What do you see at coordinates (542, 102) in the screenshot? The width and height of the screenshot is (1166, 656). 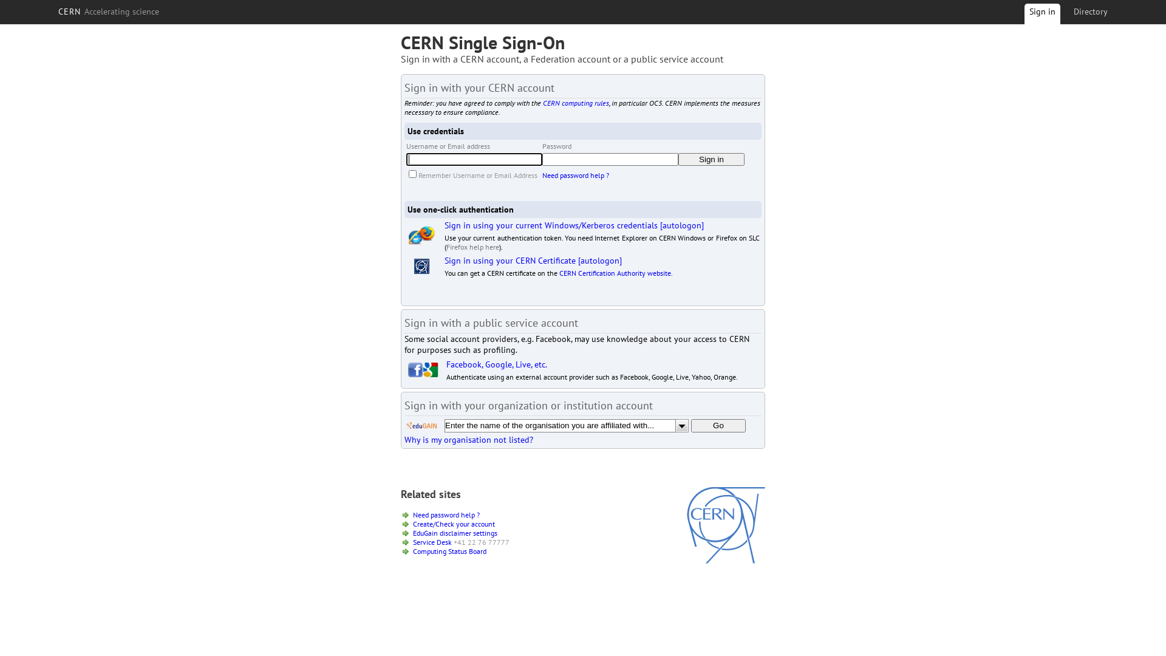 I see `'CERN computing rules'` at bounding box center [542, 102].